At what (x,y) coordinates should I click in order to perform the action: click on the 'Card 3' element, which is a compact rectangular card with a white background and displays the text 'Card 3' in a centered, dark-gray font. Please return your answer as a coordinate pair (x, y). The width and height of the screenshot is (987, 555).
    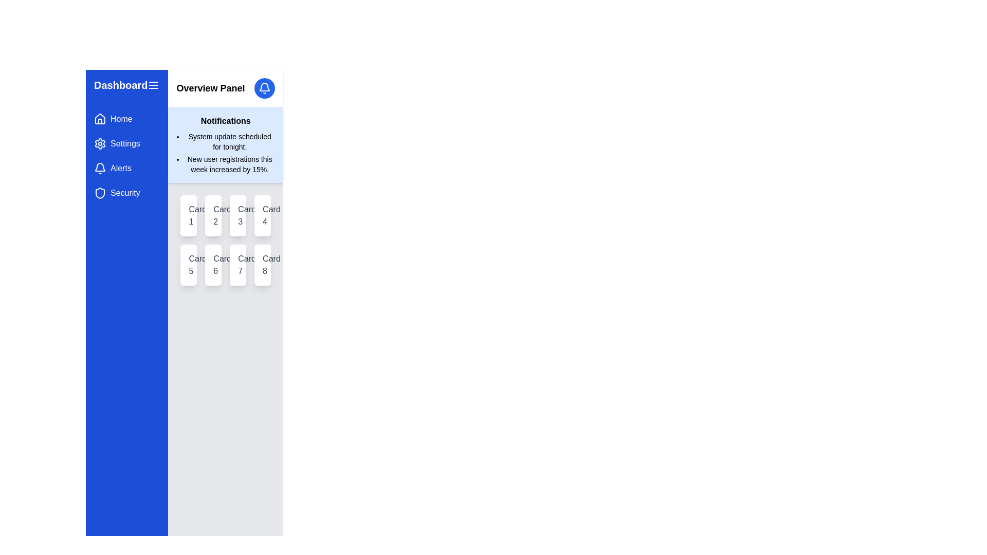
    Looking at the image, I should click on (237, 215).